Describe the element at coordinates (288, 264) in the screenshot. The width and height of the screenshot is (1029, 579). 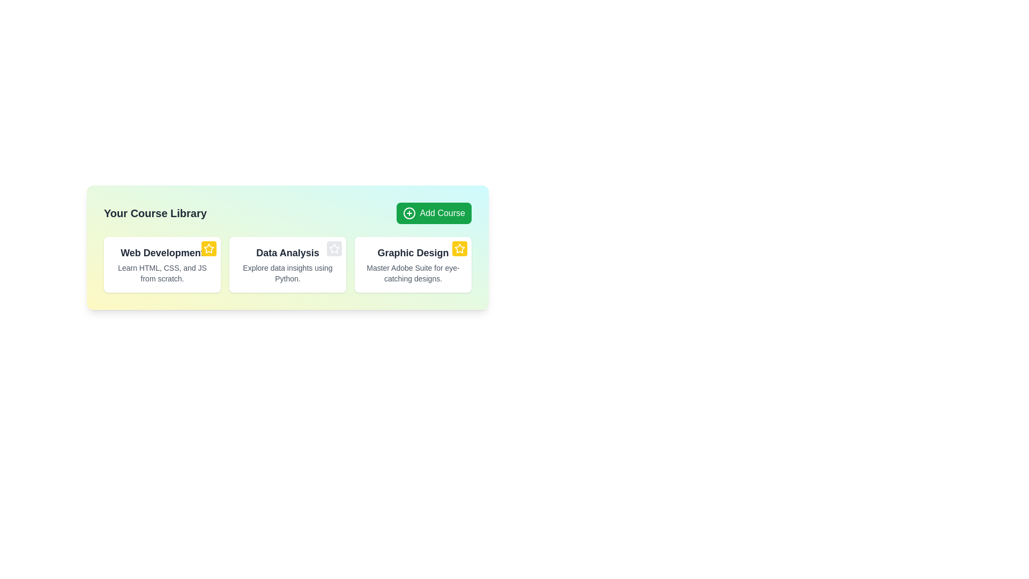
I see `the 'Data Analysis' card component, which features a white background, bold title at the top, and a star icon in a gray circle at the top-right corner` at that location.